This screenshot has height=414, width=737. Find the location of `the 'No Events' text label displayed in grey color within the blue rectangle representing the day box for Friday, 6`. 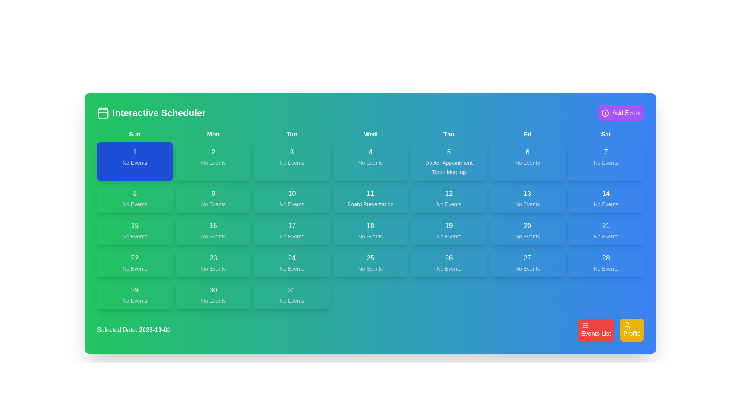

the 'No Events' text label displayed in grey color within the blue rectangle representing the day box for Friday, 6 is located at coordinates (527, 162).